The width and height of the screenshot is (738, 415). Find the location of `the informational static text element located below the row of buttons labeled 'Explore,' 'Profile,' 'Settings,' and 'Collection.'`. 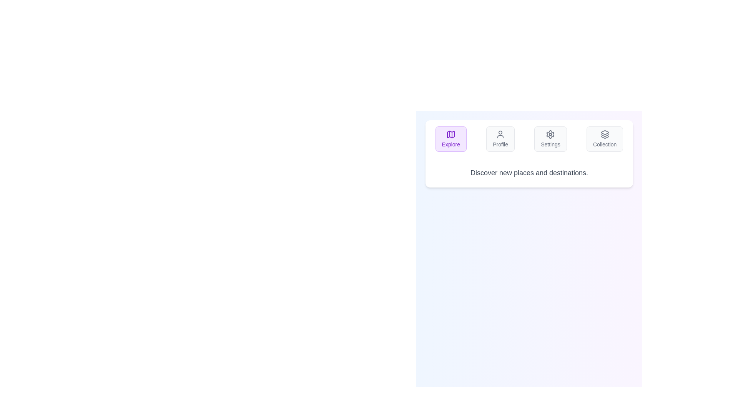

the informational static text element located below the row of buttons labeled 'Explore,' 'Profile,' 'Settings,' and 'Collection.' is located at coordinates (529, 173).